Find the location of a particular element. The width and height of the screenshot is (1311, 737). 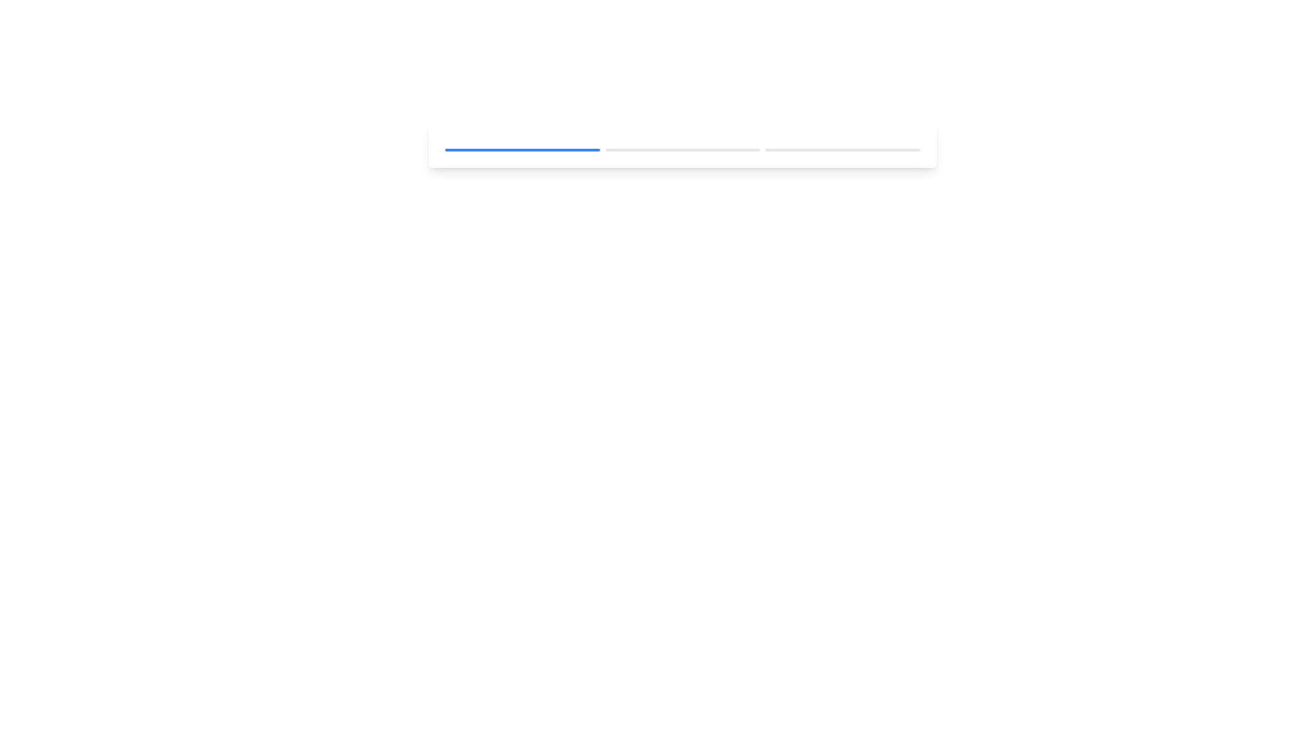

the second column of the grid layout located beneath the title 'Scene 1' is located at coordinates (682, 149).